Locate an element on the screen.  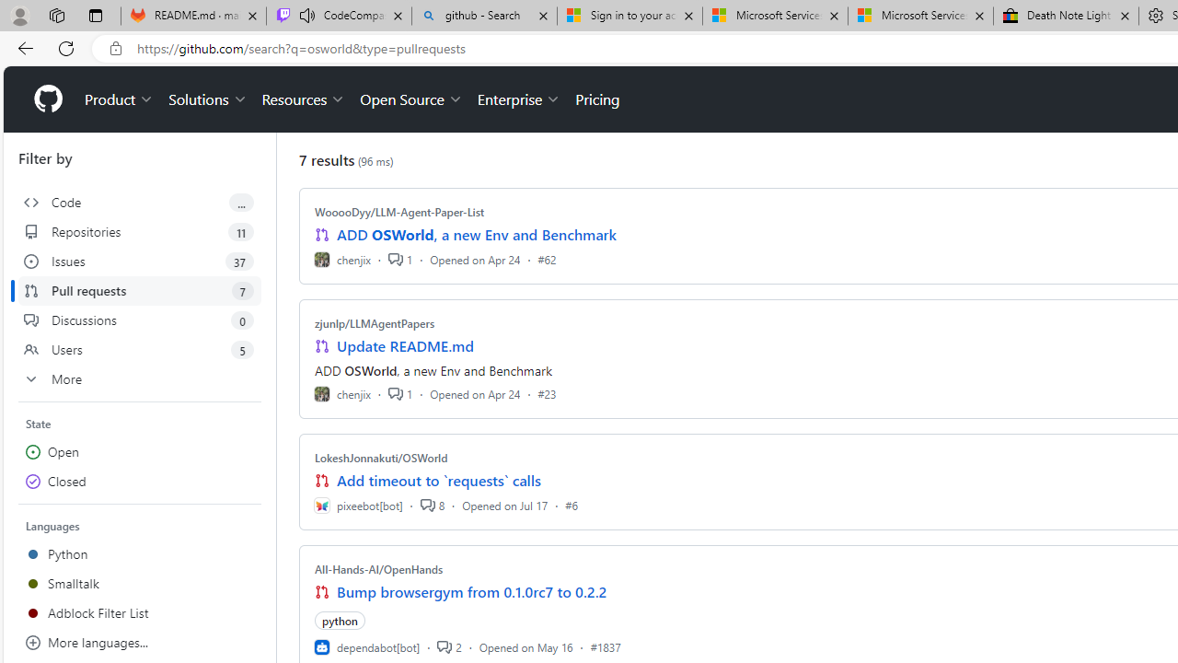
'pixeebot[bot]' is located at coordinates (358, 505).